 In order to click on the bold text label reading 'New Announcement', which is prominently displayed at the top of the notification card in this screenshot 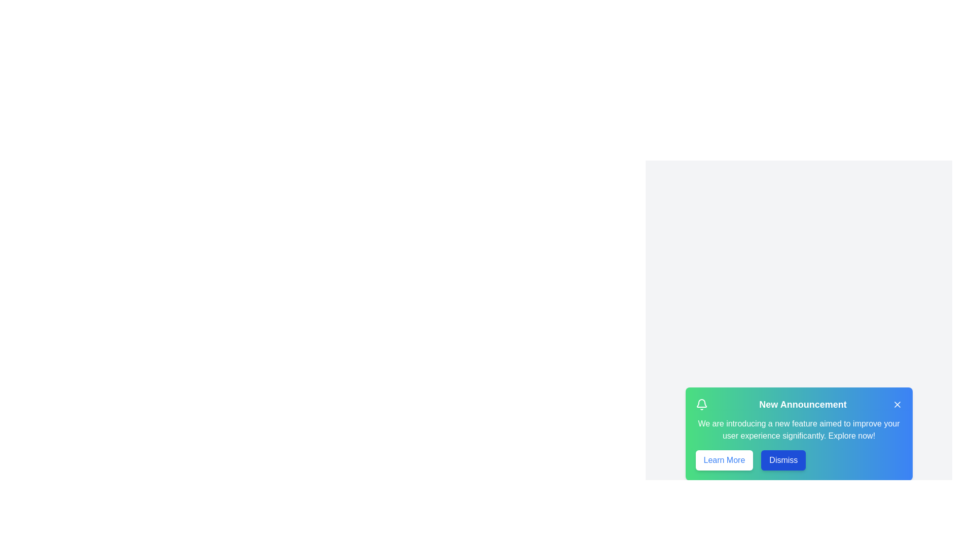, I will do `click(802, 404)`.